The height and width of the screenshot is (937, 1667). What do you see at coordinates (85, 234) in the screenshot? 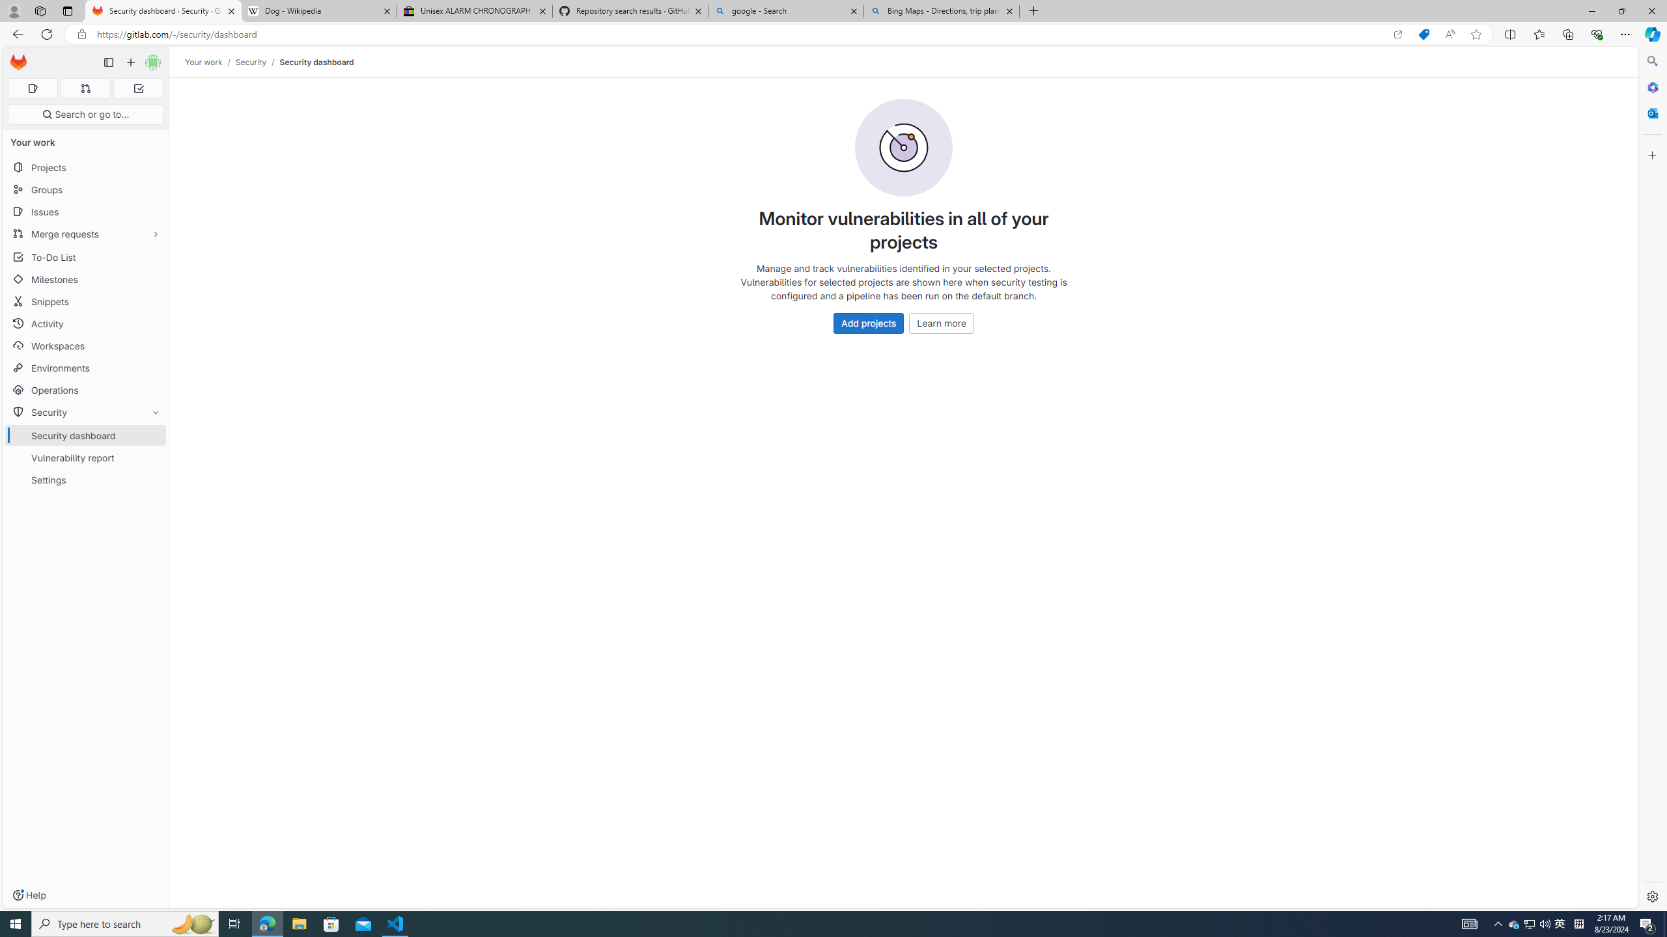
I see `'Merge requests'` at bounding box center [85, 234].